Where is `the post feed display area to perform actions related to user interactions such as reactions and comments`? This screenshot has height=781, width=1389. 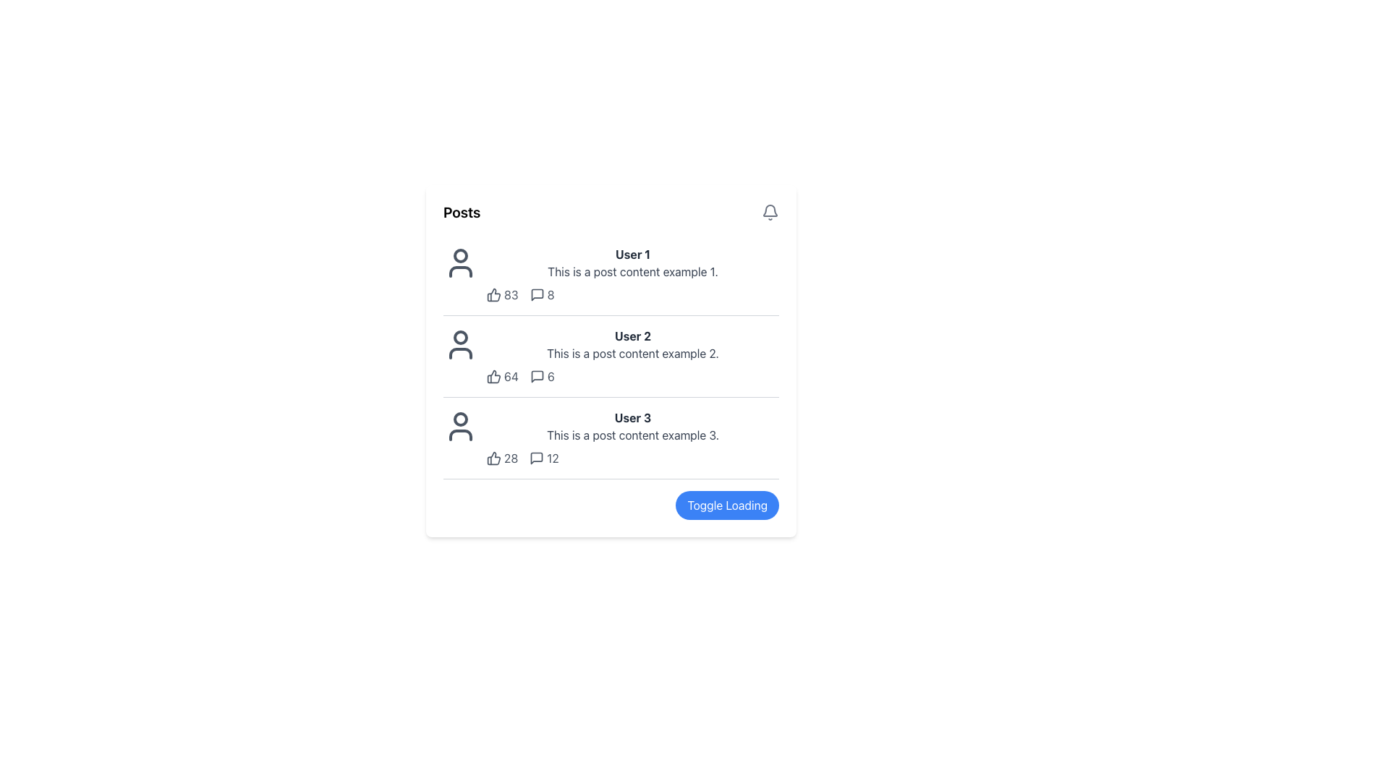
the post feed display area to perform actions related to user interactions such as reactions and comments is located at coordinates (611, 359).